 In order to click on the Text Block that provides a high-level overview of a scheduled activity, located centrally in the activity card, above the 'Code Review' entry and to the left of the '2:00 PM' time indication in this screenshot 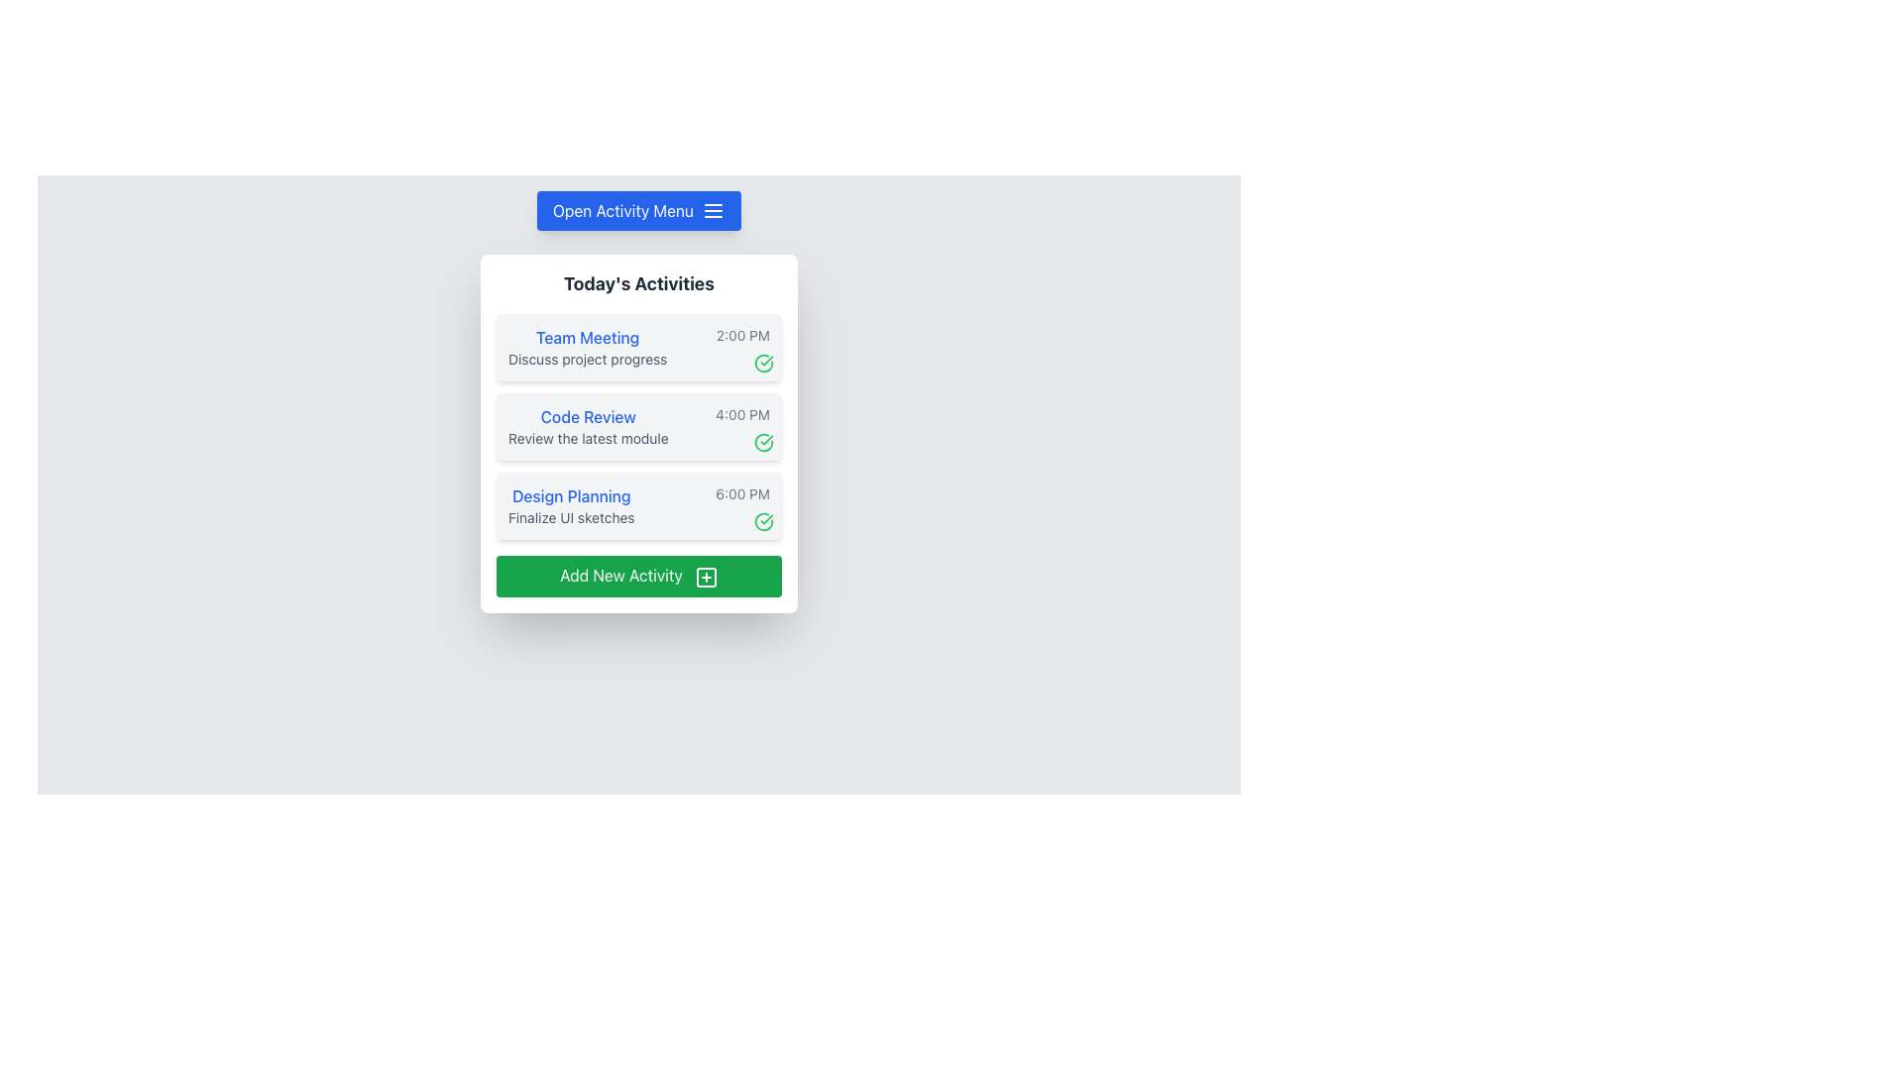, I will do `click(587, 347)`.